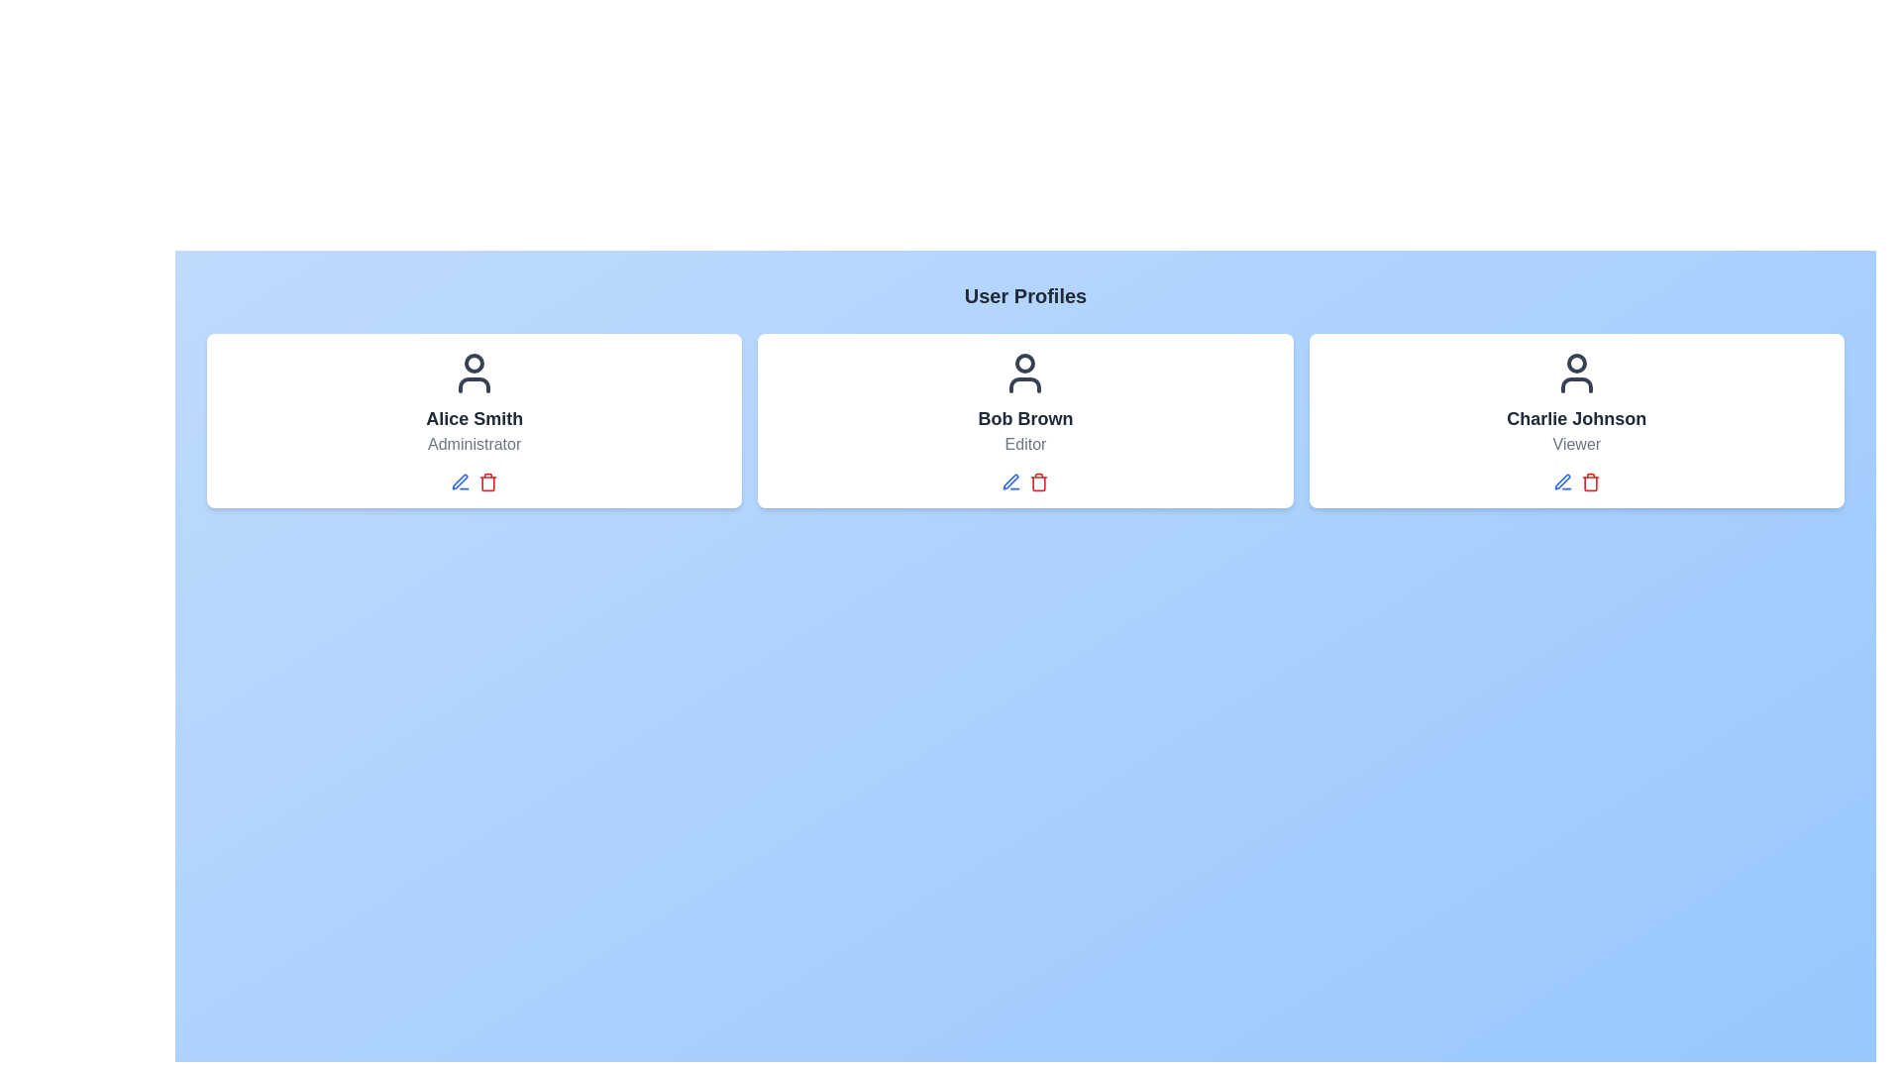  I want to click on the stylized pen icon located at the bottom-left corner of the 'Charlie Johnson' user card, so click(1561, 481).